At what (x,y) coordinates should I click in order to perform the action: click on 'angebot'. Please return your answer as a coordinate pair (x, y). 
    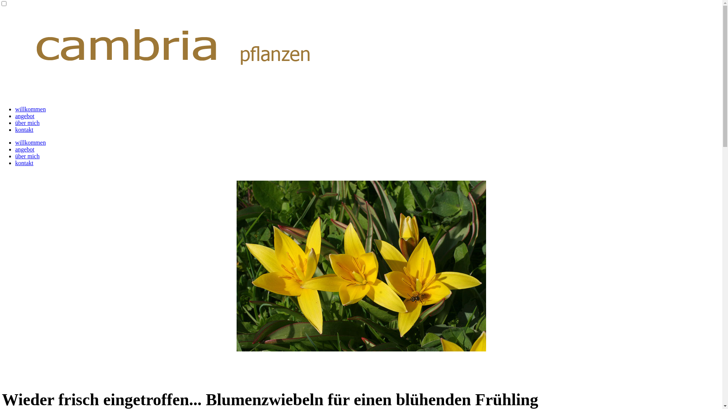
    Looking at the image, I should click on (25, 149).